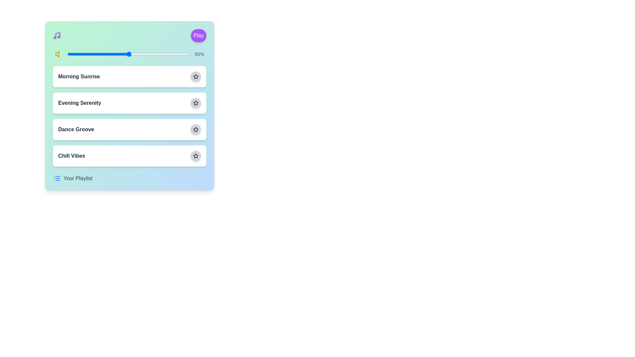  What do you see at coordinates (140, 54) in the screenshot?
I see `the slider` at bounding box center [140, 54].